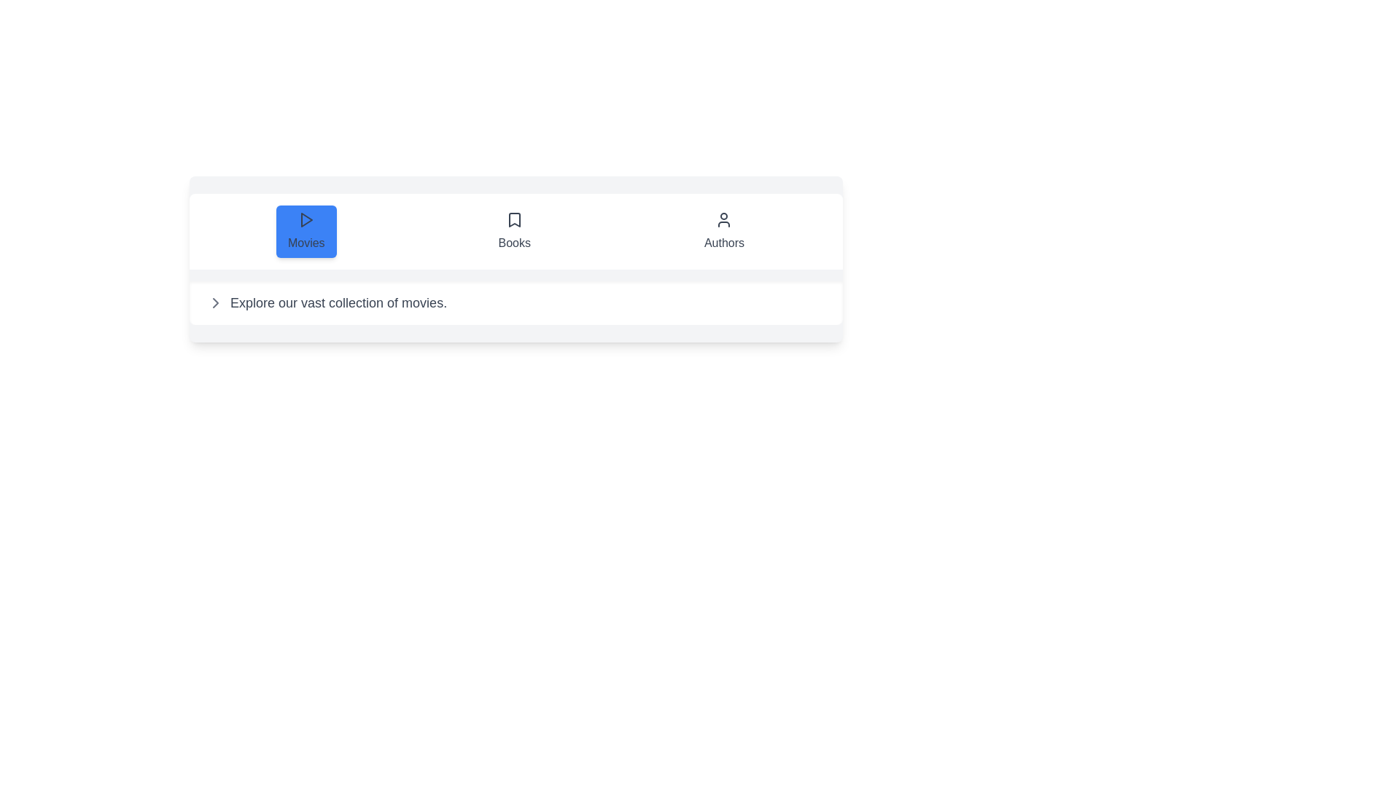 The width and height of the screenshot is (1400, 787). I want to click on the Authors tab, so click(724, 230).